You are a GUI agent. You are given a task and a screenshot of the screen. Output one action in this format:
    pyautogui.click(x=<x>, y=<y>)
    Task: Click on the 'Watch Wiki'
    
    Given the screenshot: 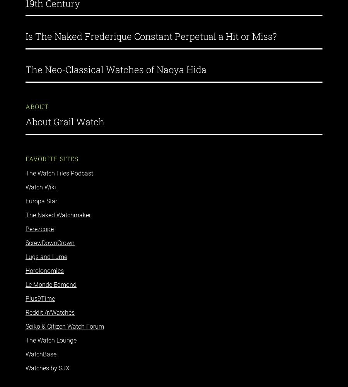 What is the action you would take?
    pyautogui.click(x=40, y=181)
    